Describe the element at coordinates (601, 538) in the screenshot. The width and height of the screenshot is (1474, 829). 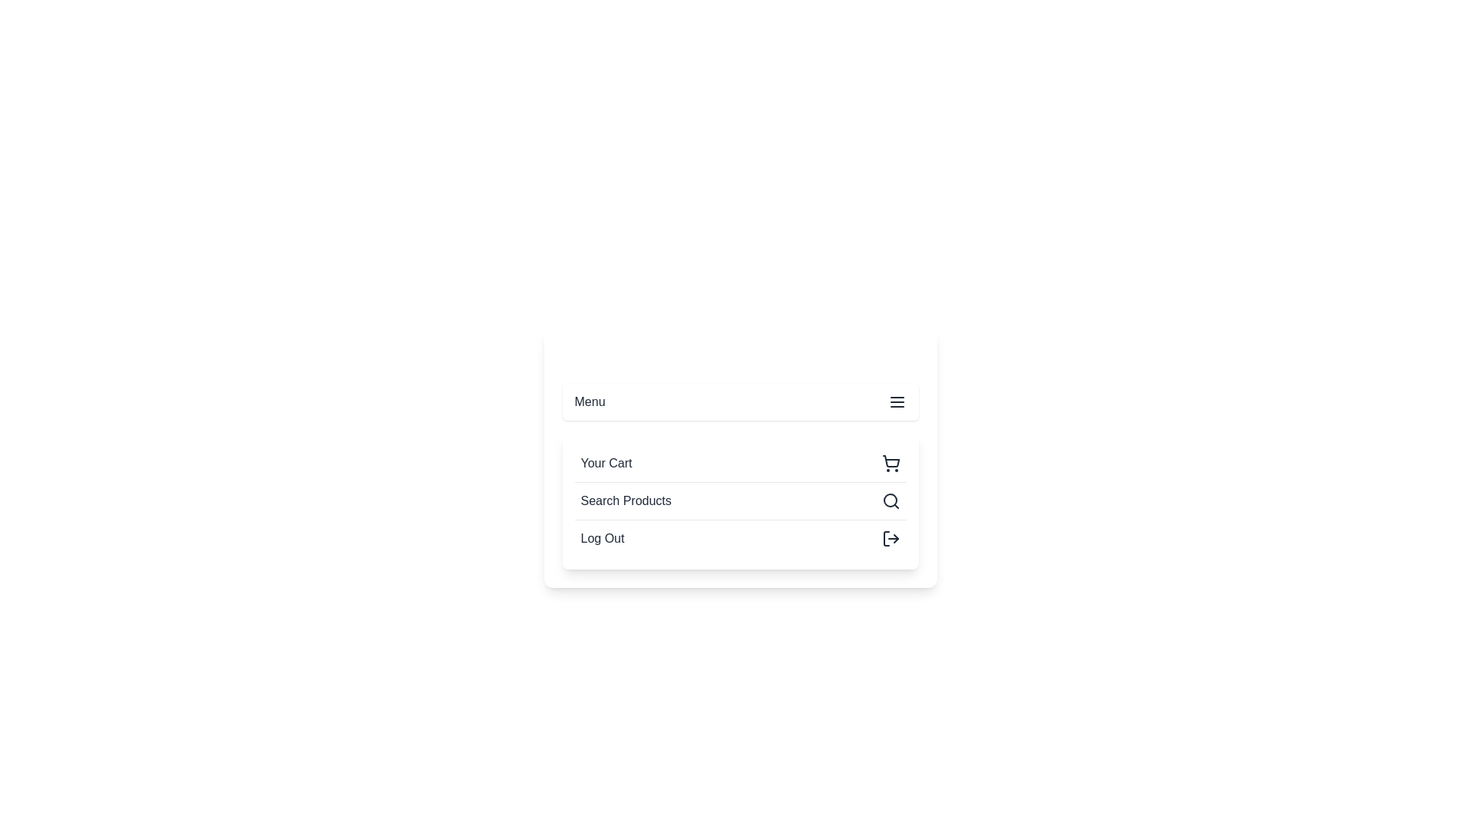
I see `the 'Log Out' text label element, which is styled in a medium weight sans-serif font and positioned to the right of the logout icon in the menu section` at that location.